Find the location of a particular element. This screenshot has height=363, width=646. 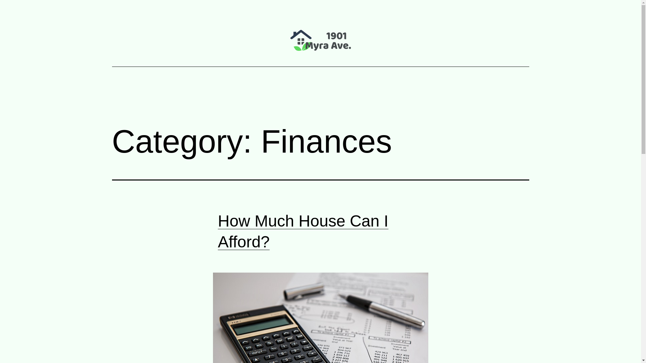

'How Much House Can I Afford?' is located at coordinates (303, 231).